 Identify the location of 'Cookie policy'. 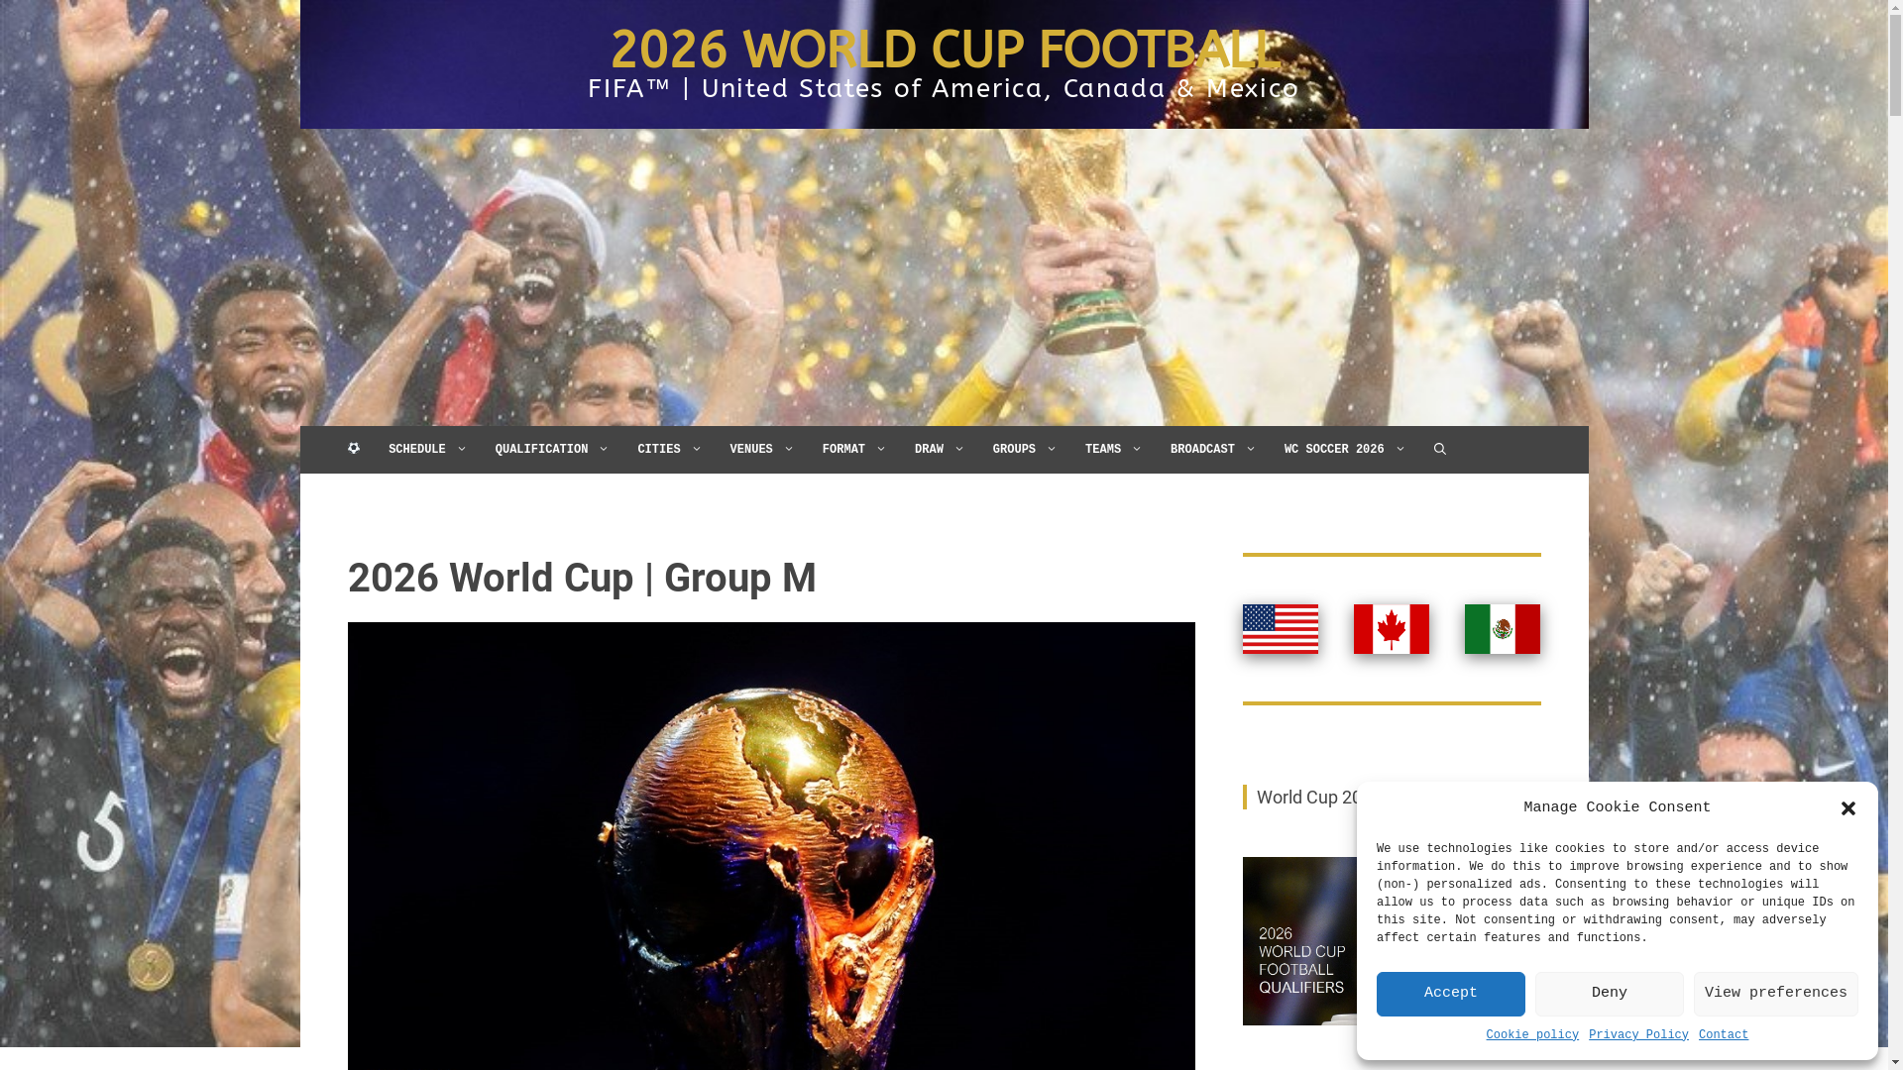
(1531, 1034).